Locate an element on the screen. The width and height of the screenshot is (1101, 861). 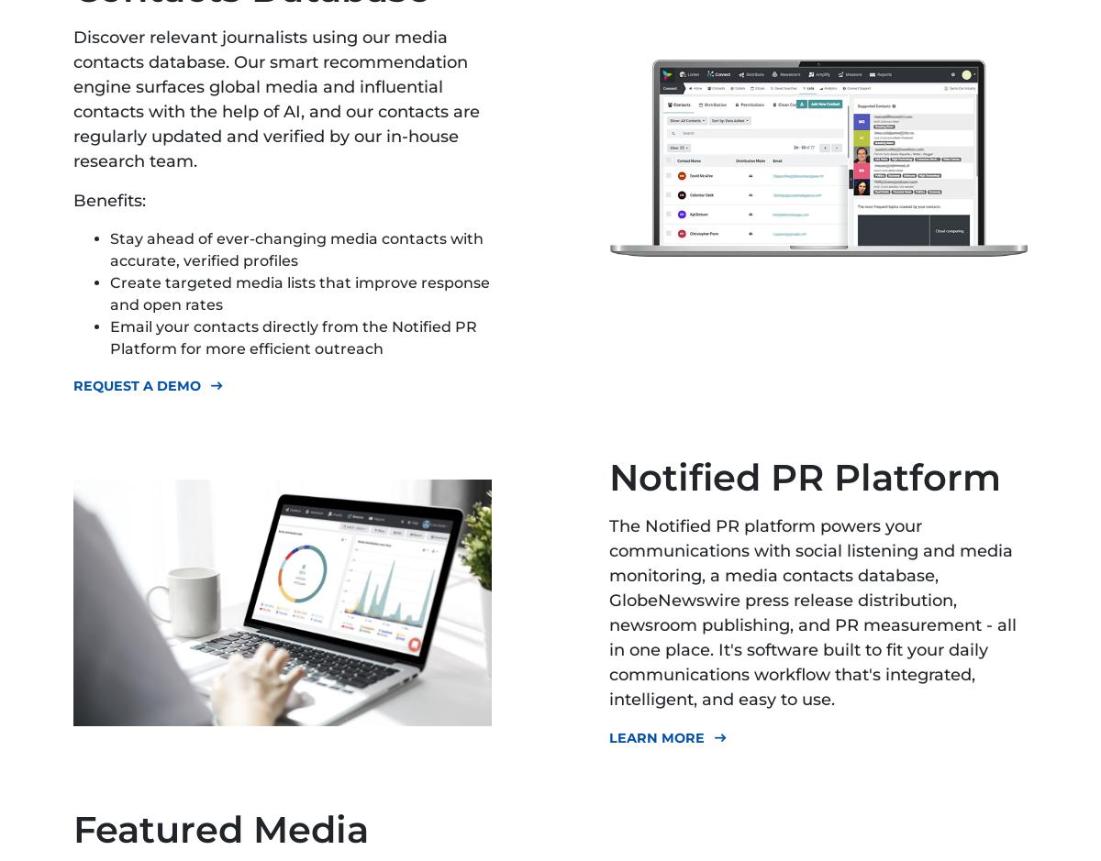
'Stay ahead of ever-changing media contacts with accurate, verified profiles' is located at coordinates (296, 248).